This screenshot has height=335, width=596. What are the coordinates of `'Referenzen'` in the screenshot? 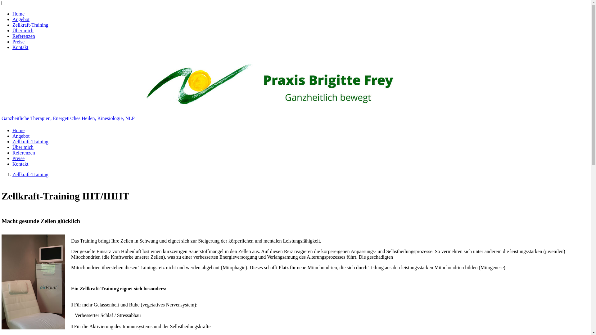 It's located at (24, 36).